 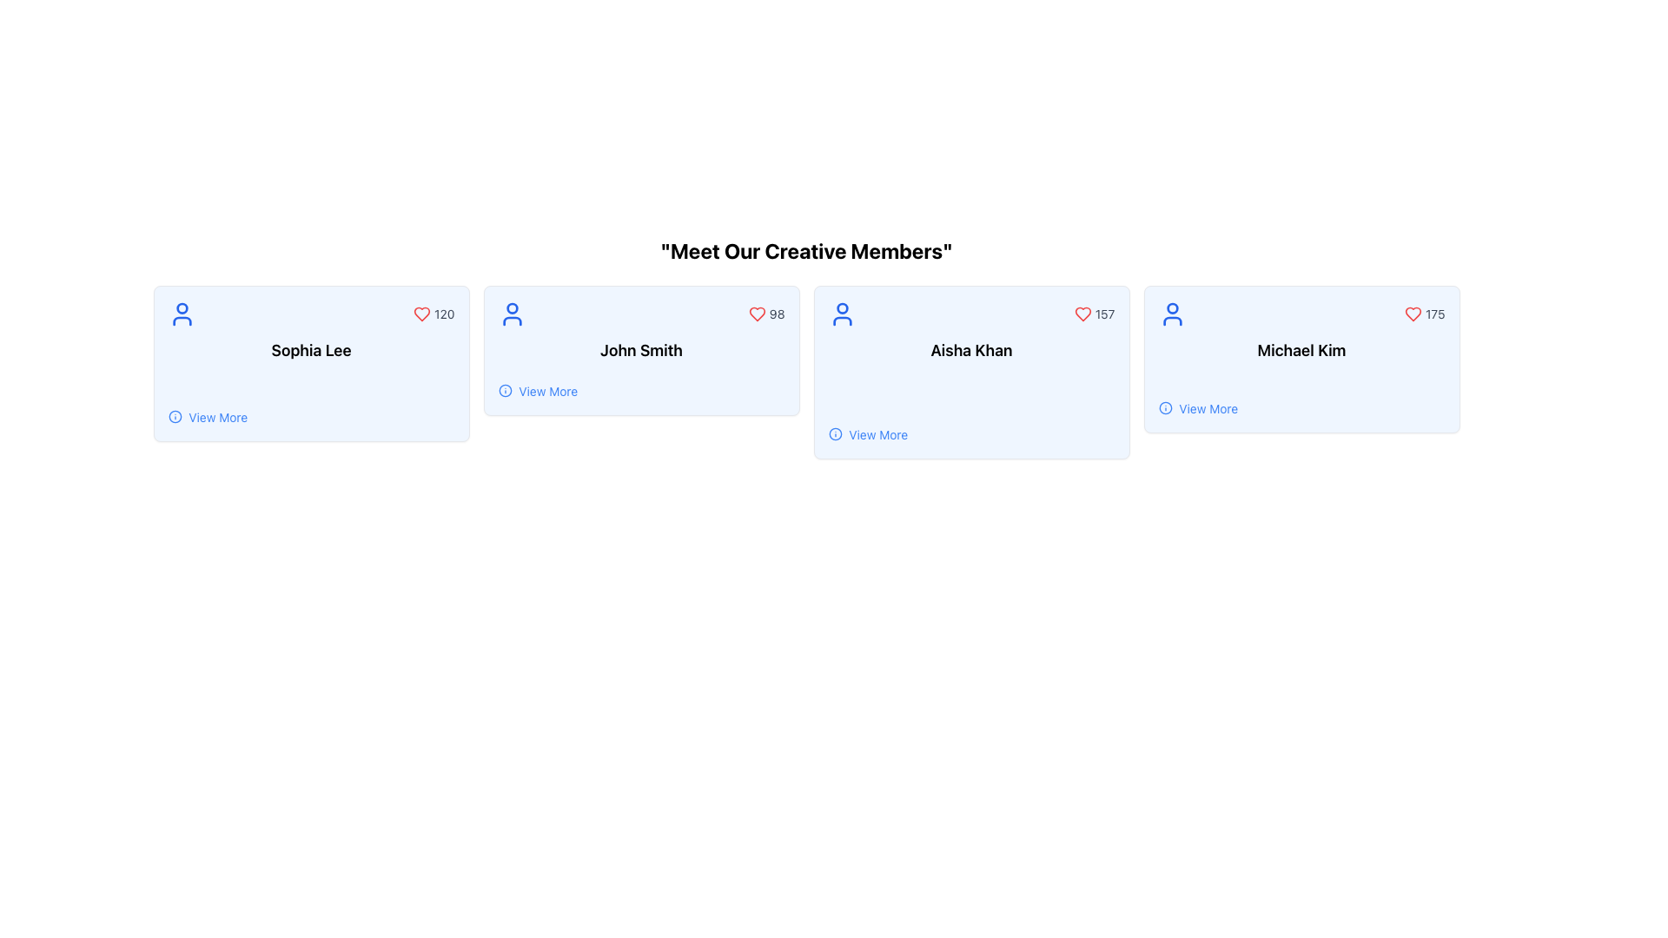 I want to click on the Informational Icon, which is a blue 'i' symbol located to the left of the 'View More' text link in the card associated with 'Michael Kim', so click(x=1165, y=408).